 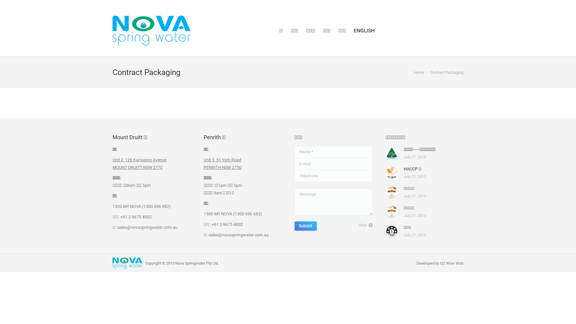 What do you see at coordinates (203, 159) in the screenshot?
I see `'Unit 5, 51 York Road'` at bounding box center [203, 159].